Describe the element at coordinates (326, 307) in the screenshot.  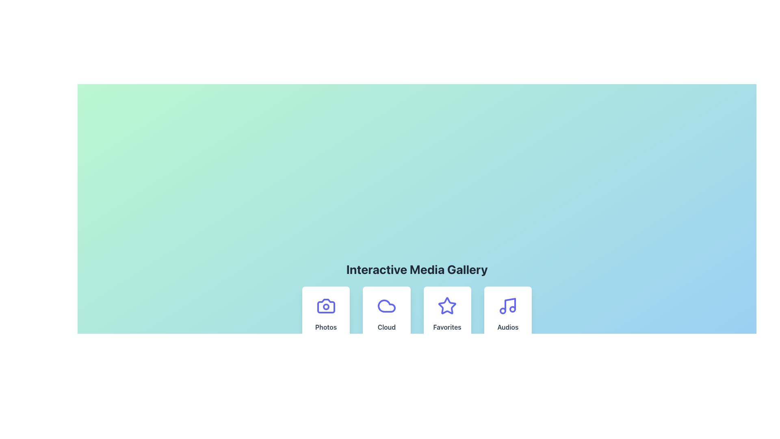
I see `the graphical icon component of the camera icon located` at that location.